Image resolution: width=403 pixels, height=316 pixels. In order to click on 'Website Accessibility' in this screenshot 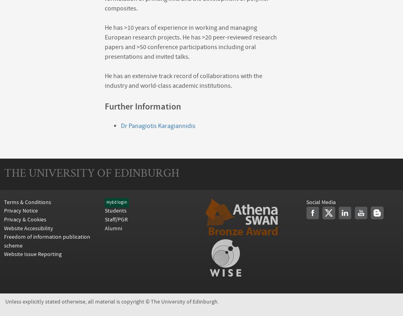, I will do `click(4, 228)`.